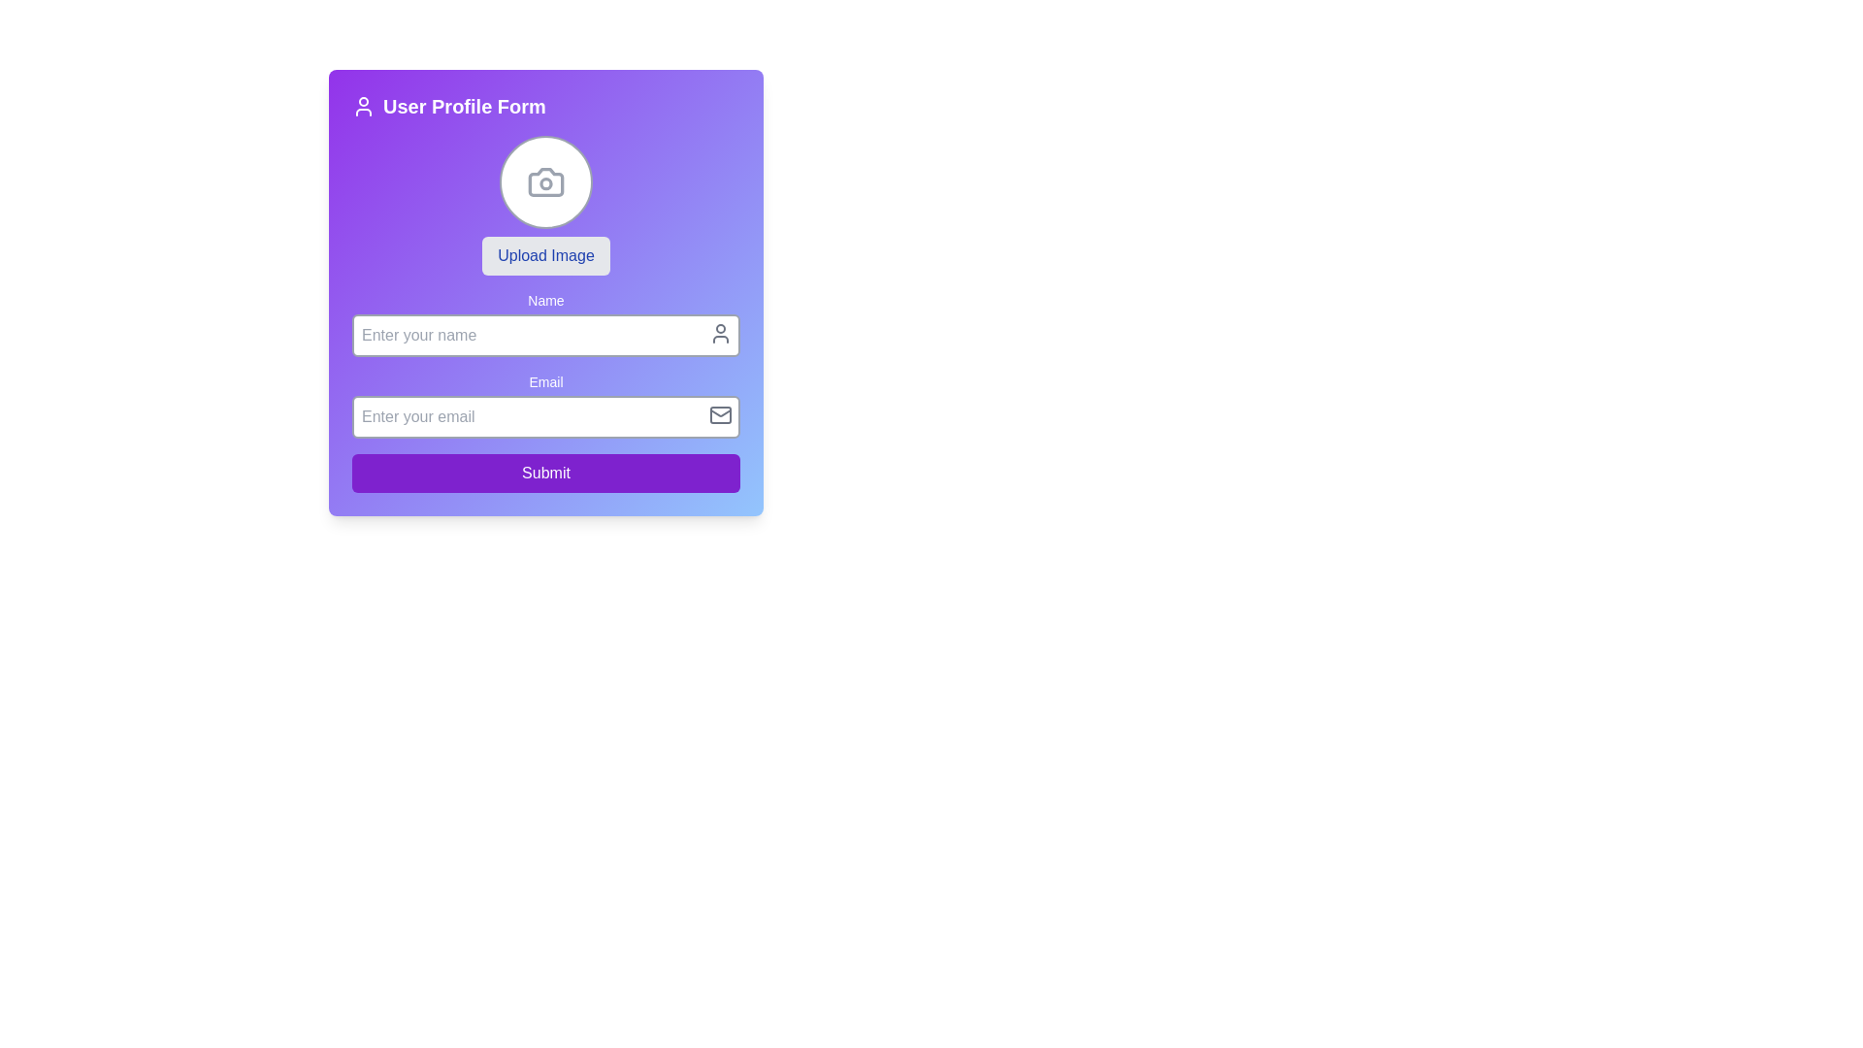  Describe the element at coordinates (544, 182) in the screenshot. I see `the camera icon, which is an SVG image with a rounded rectangle outline and a circle in its center, located near the top center of the 'User Profile Form' card layout` at that location.